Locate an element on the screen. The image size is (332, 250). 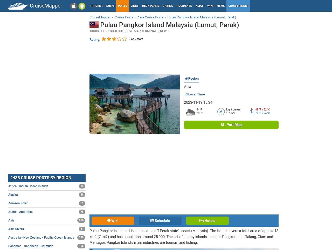
'84°F' is located at coordinates (199, 109).